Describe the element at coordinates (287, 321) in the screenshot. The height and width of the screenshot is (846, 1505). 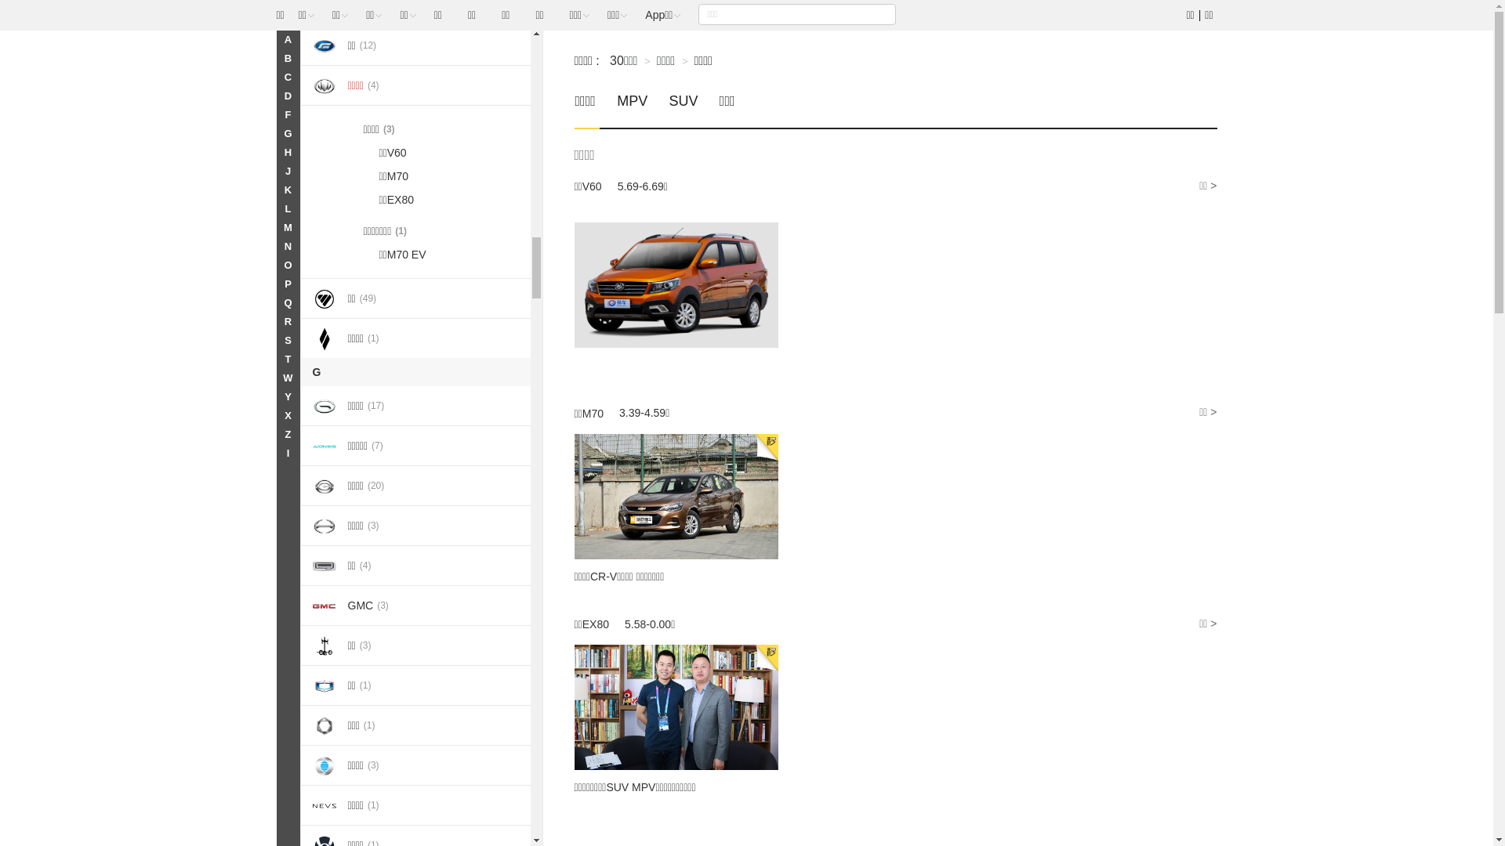
I see `'R'` at that location.